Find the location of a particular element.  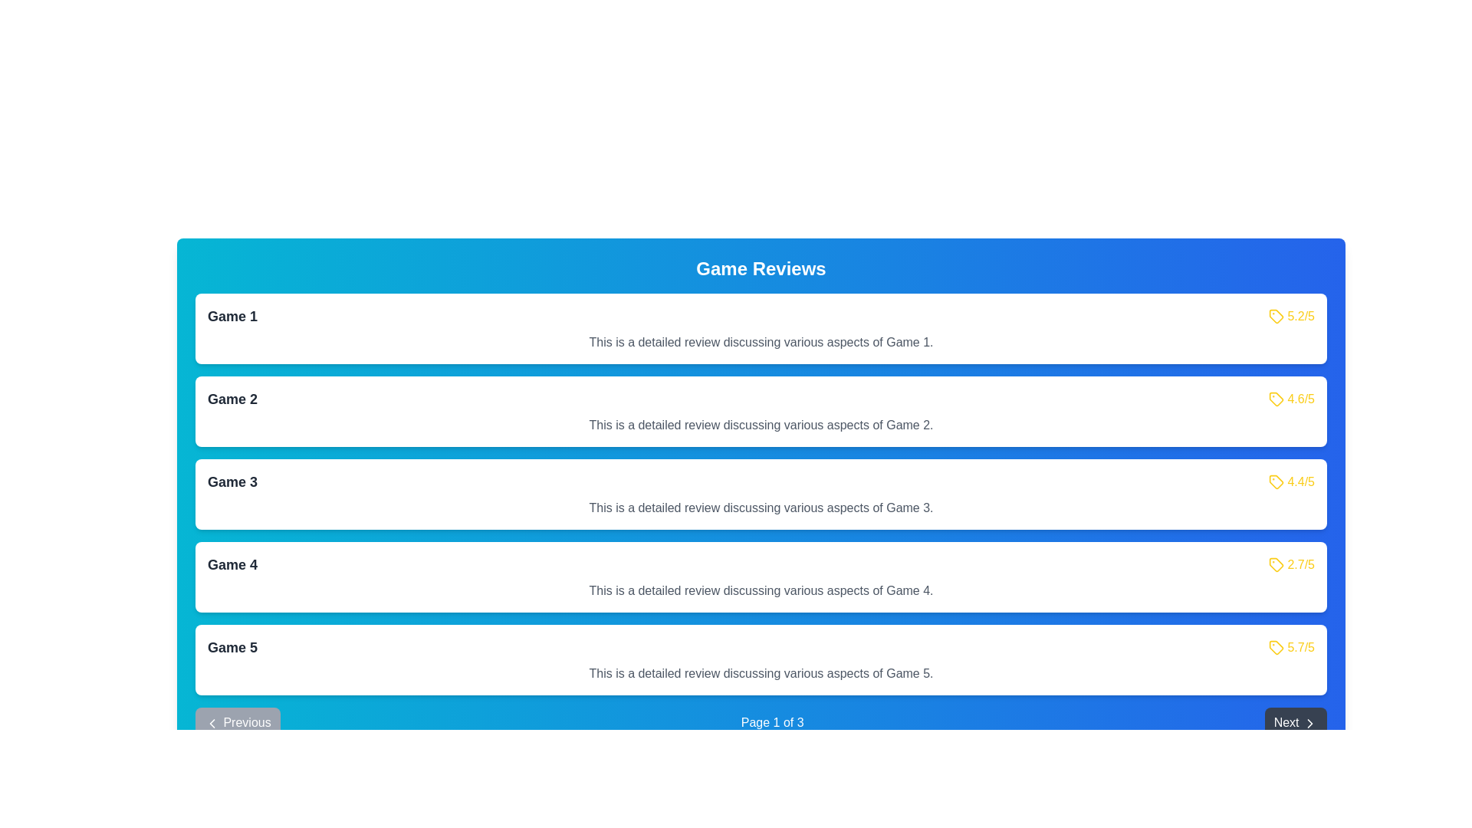

detailed textual review about 'Game 5' located at the bottom of the card layout, beneath the game title and rating is located at coordinates (761, 673).